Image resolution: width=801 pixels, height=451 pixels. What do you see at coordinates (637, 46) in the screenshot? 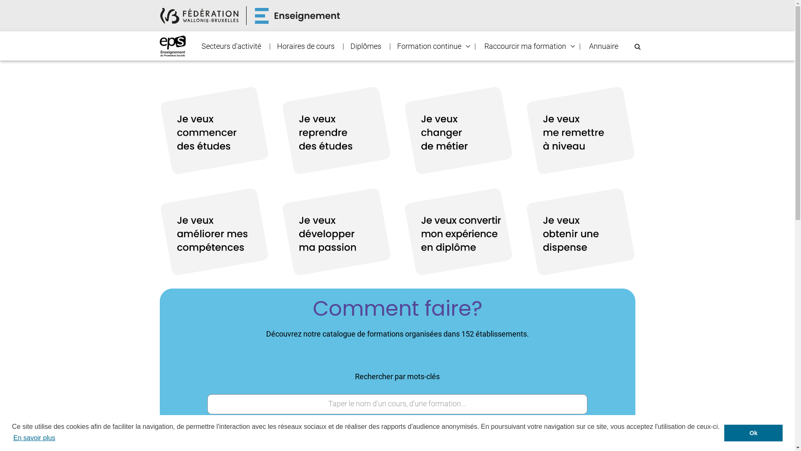
I see `'Rechercher sur le site'` at bounding box center [637, 46].